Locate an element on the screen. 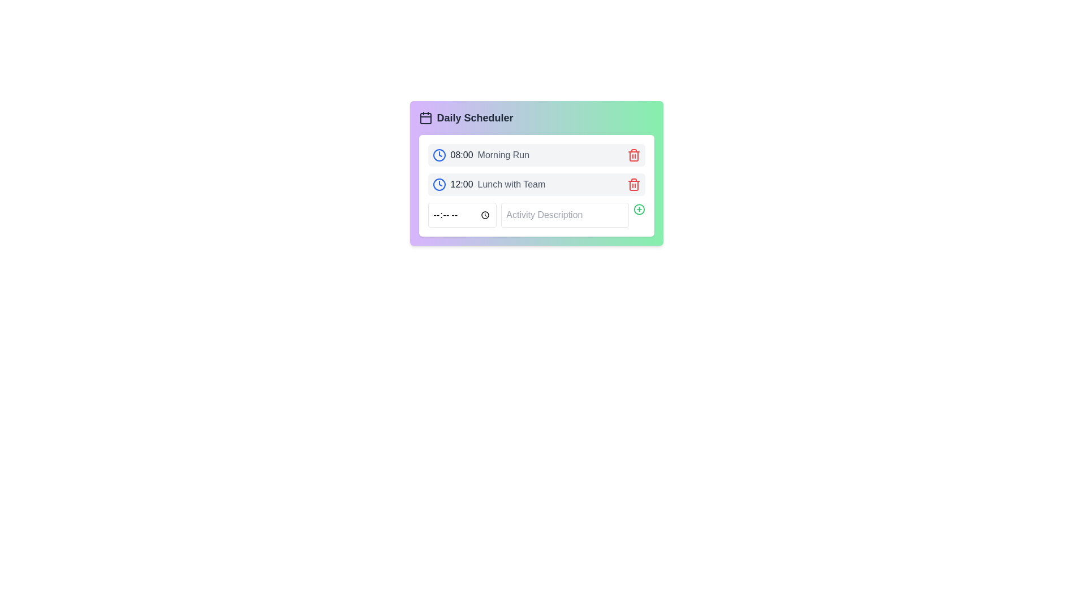 The image size is (1086, 610). the blue clock icon located to the left of the text '12:00 Lunch with Team', which is the leftmost element in the row representing the event at 12:00 is located at coordinates (438, 184).